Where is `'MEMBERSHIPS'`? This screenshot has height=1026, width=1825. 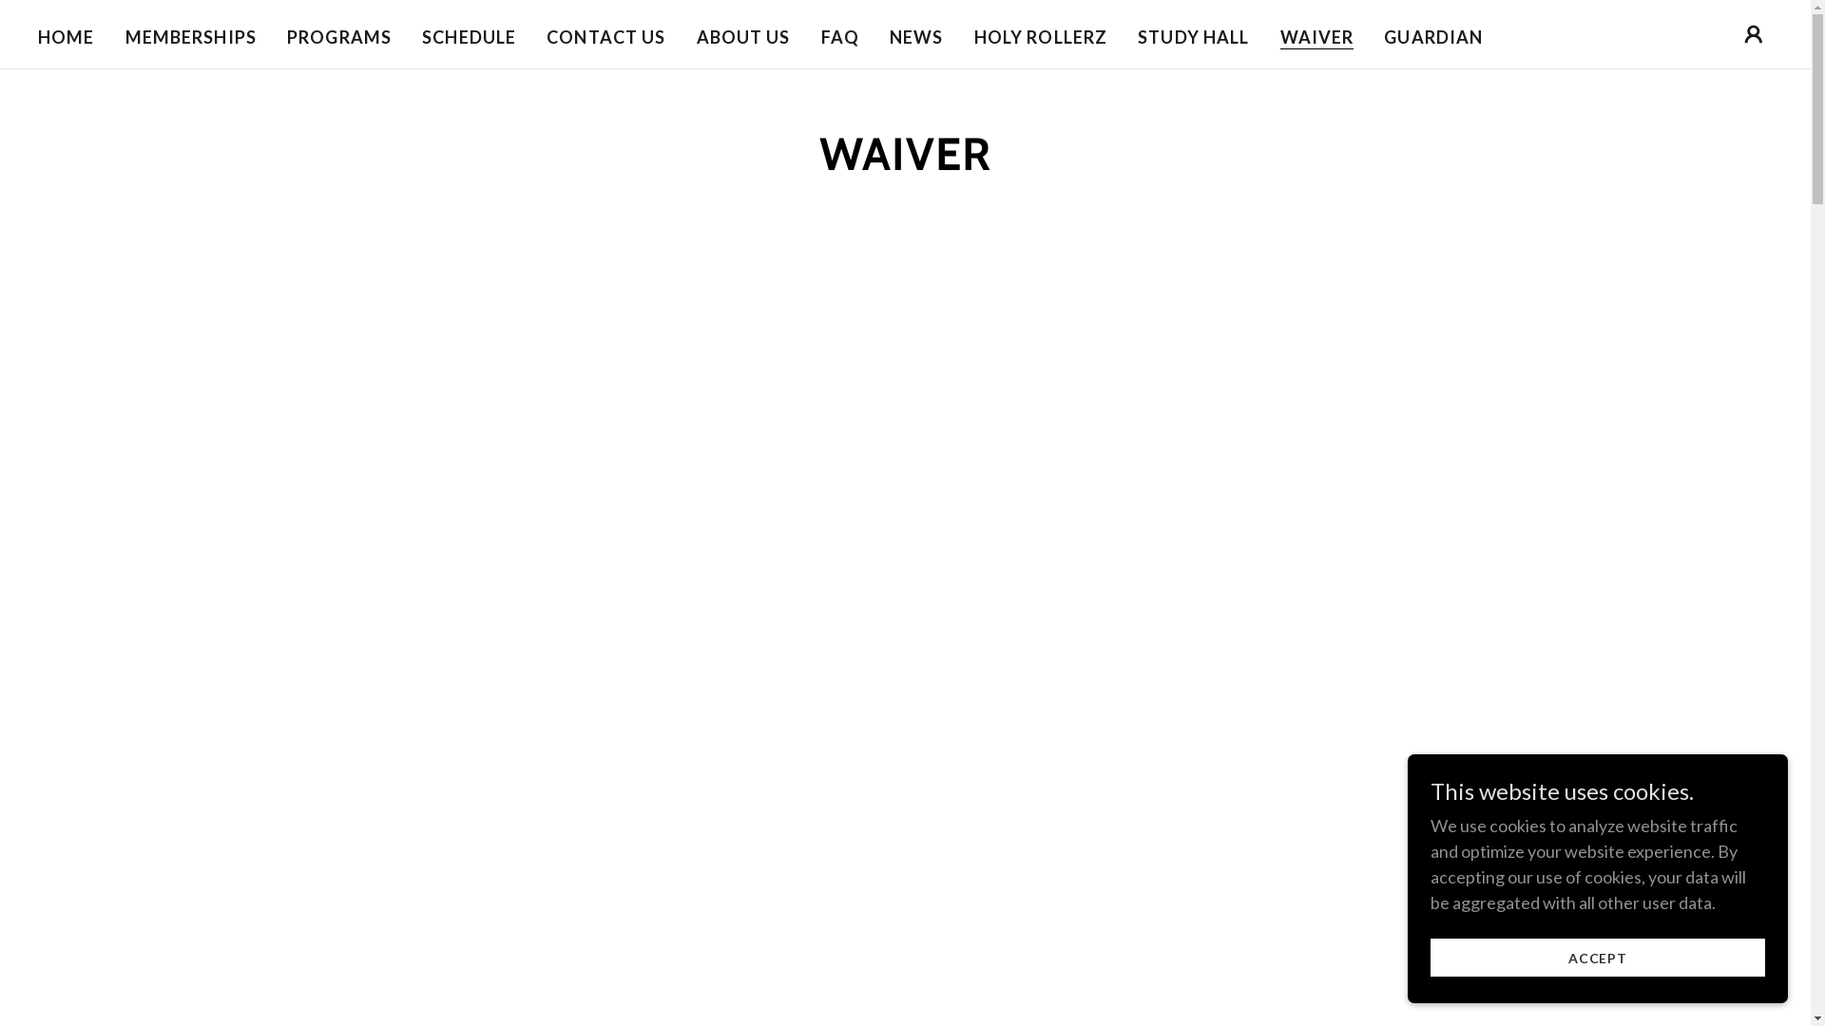
'MEMBERSHIPS' is located at coordinates (191, 36).